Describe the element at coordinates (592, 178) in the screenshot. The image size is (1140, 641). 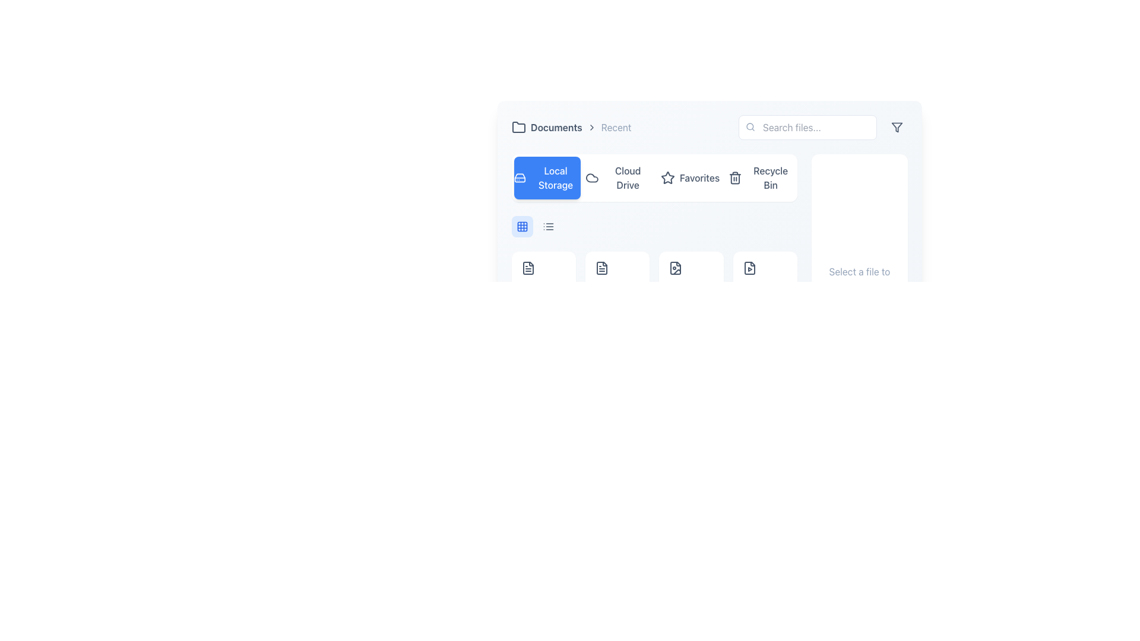
I see `the 'Cloud Drive' icon, which is the second icon in the navigation row located at the upper section of the interface` at that location.